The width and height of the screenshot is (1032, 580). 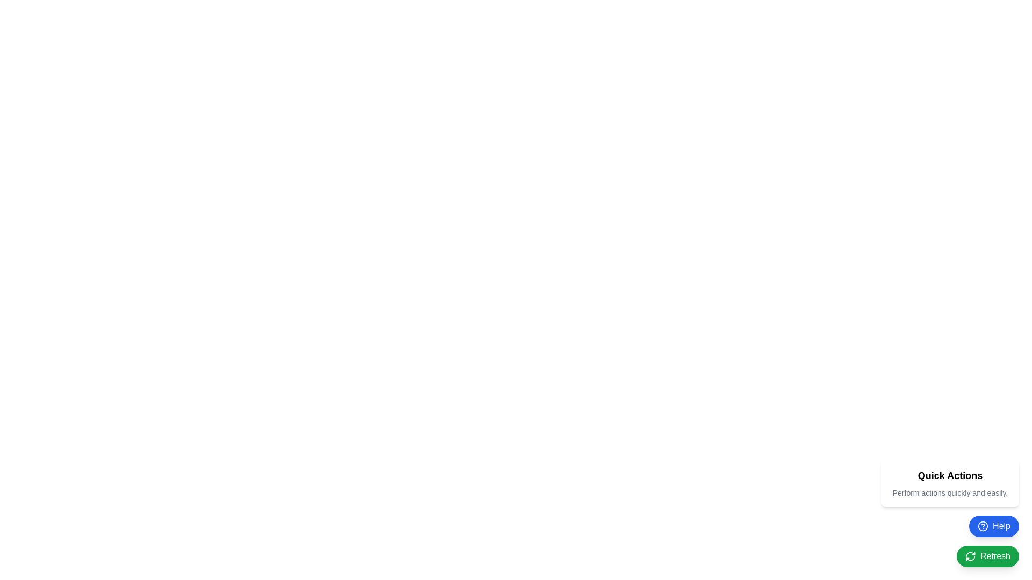 I want to click on the circular graphical element that is part of the help icon located adjacent to the 'Help' button, so click(x=983, y=525).